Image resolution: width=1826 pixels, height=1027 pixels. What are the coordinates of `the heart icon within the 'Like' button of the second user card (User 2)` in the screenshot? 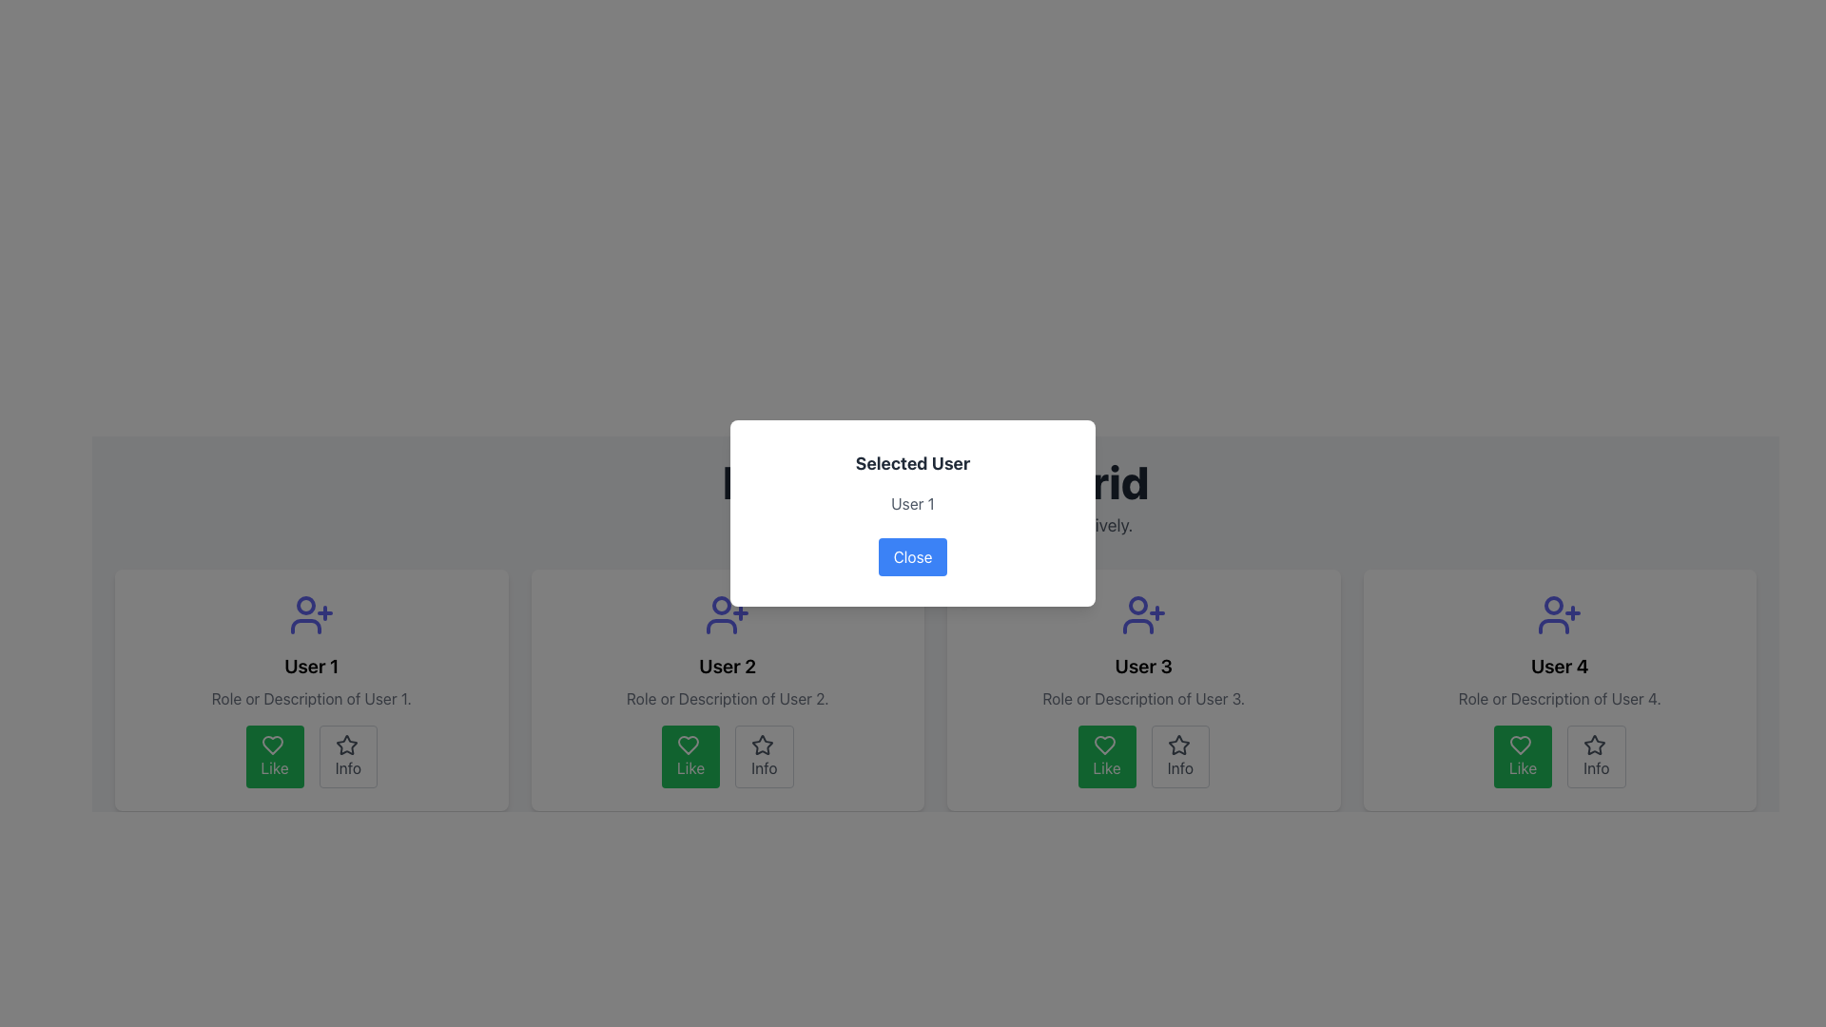 It's located at (688, 744).